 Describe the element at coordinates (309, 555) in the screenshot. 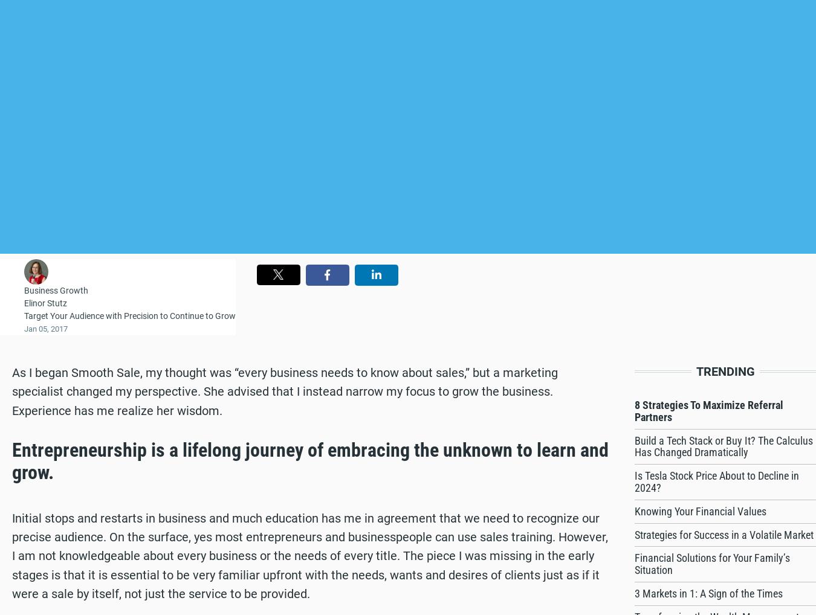

I see `'Initial stops and restarts in business and much education has me in agreement that we need to recognize our precise audience. On the surface, yes most entrepreneurs and businesspeople can use sales training. However, I am not knowledgeable about every business or the needs of every title. The piece I was missing in the early stages is that it is essential to be very familiar upfront with the needs, wants and desires of clients just as if it were a sale by itself, not just the service to be provided.'` at that location.